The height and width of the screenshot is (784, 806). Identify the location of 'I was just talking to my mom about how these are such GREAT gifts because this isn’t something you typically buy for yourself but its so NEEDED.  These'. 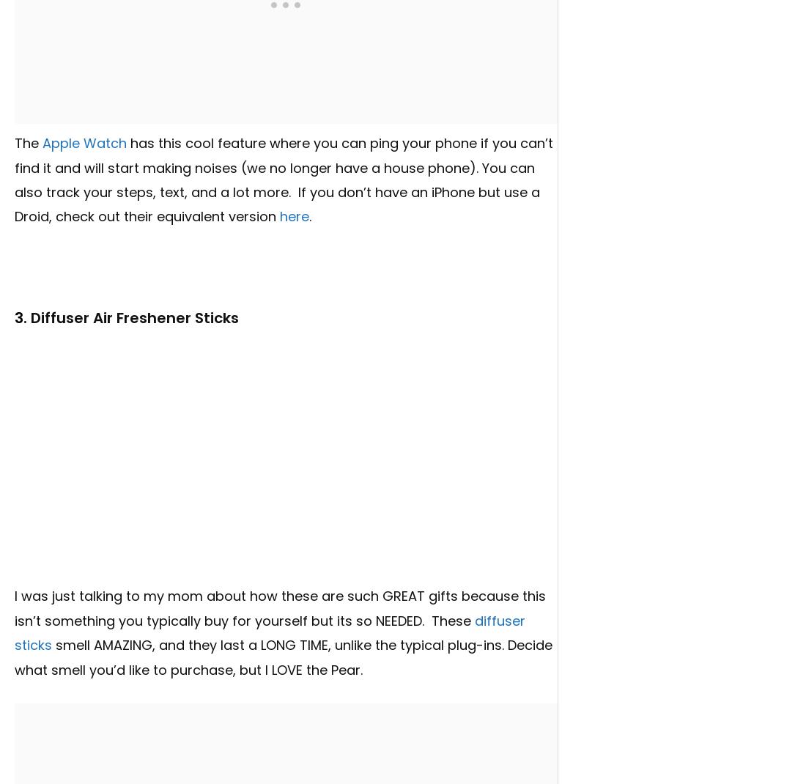
(280, 607).